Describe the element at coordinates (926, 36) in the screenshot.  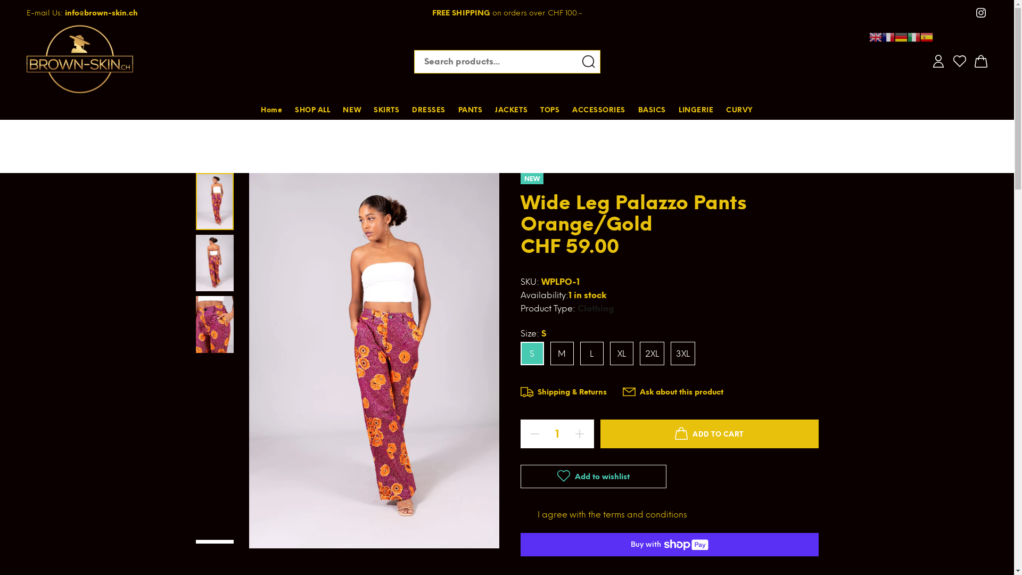
I see `'Spanish'` at that location.